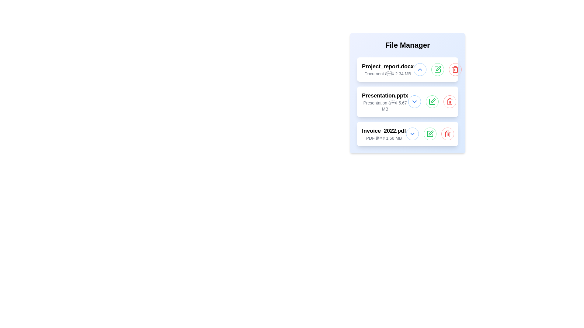 The width and height of the screenshot is (584, 328). I want to click on delete button for the file named Invoice_2022.pdf, so click(448, 133).